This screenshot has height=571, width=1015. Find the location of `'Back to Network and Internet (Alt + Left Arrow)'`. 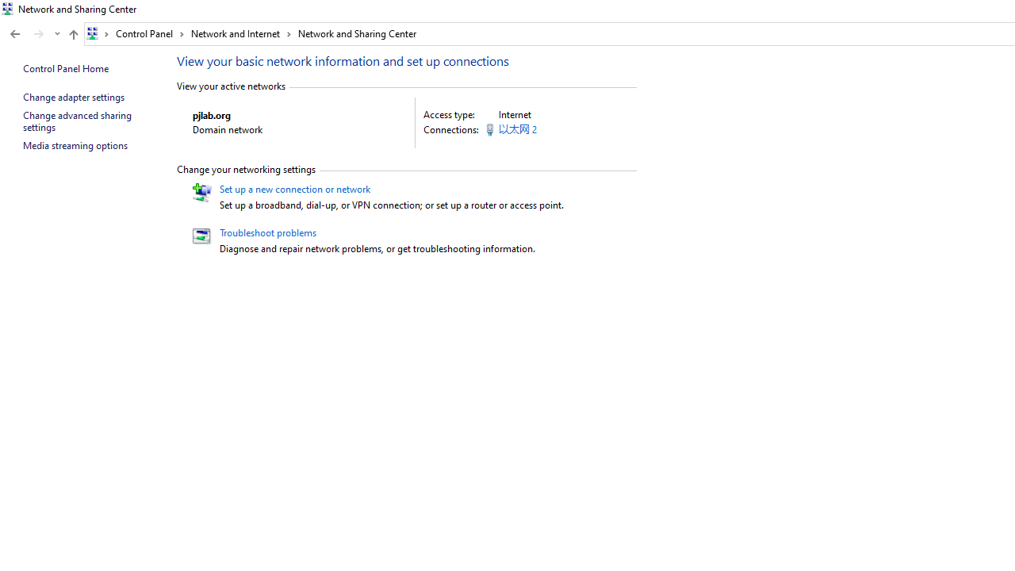

'Back to Network and Internet (Alt + Left Arrow)' is located at coordinates (15, 34).